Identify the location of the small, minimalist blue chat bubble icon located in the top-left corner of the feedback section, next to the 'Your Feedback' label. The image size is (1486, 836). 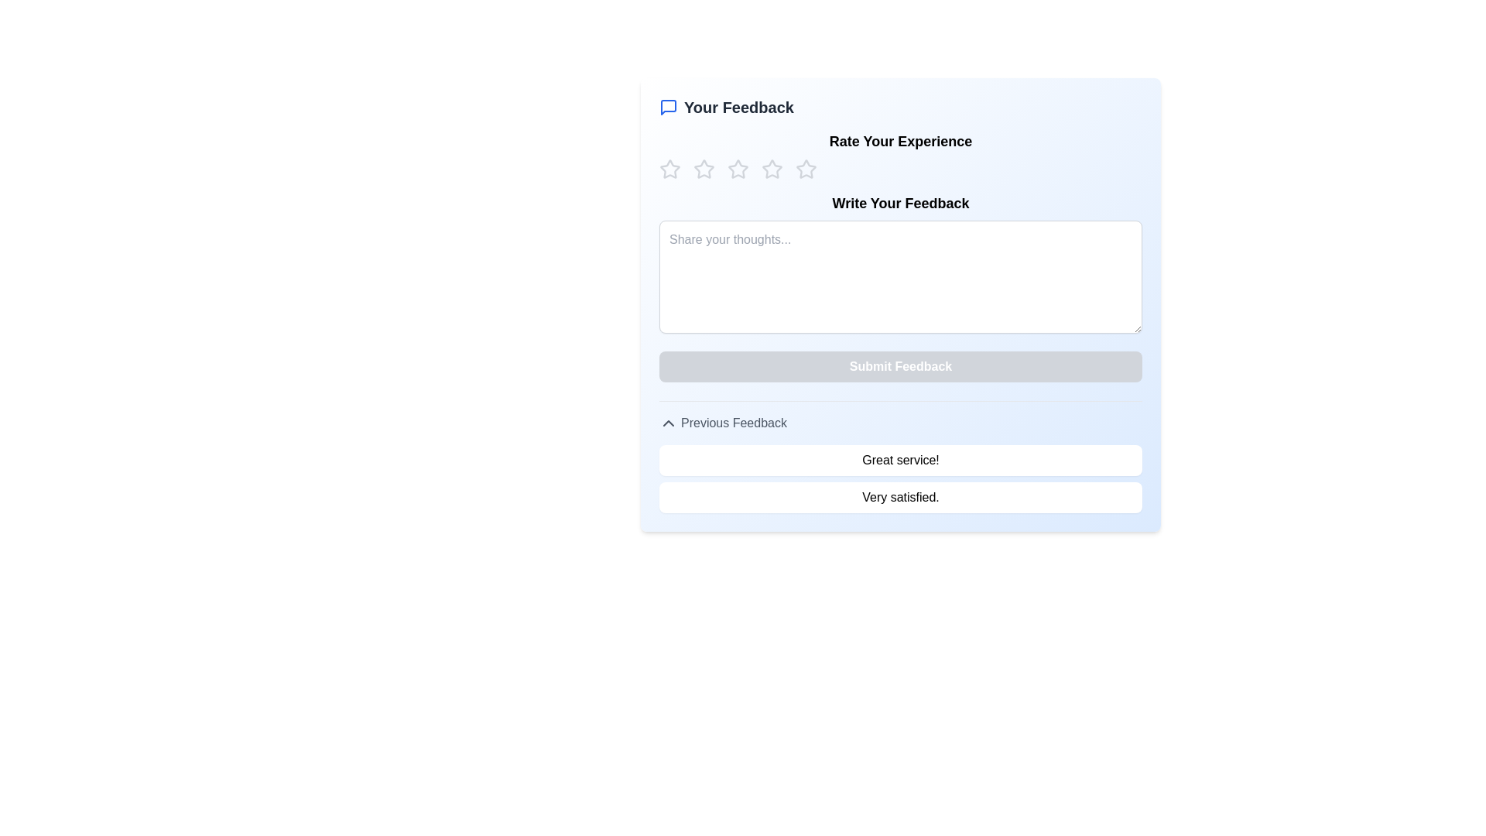
(669, 106).